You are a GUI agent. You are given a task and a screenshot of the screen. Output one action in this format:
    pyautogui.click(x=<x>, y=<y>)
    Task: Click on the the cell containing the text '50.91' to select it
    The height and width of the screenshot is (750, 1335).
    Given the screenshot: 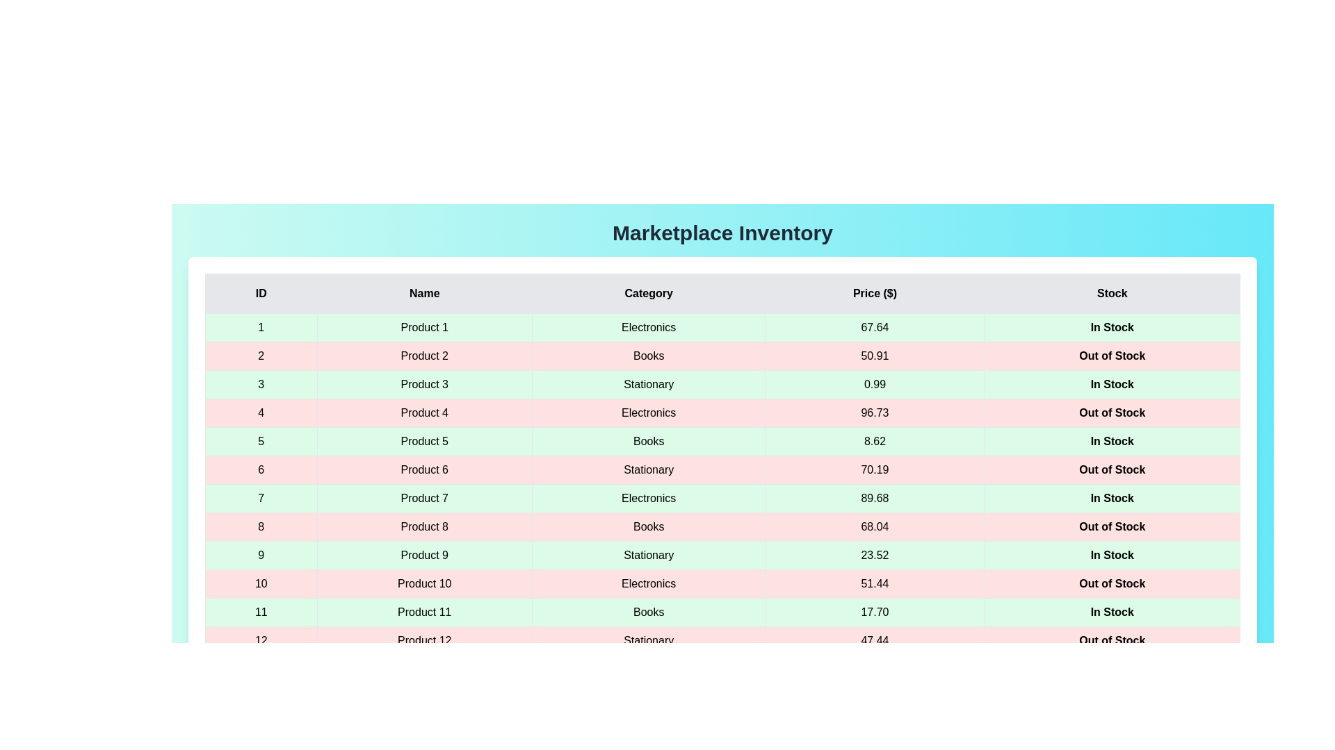 What is the action you would take?
    pyautogui.click(x=873, y=356)
    